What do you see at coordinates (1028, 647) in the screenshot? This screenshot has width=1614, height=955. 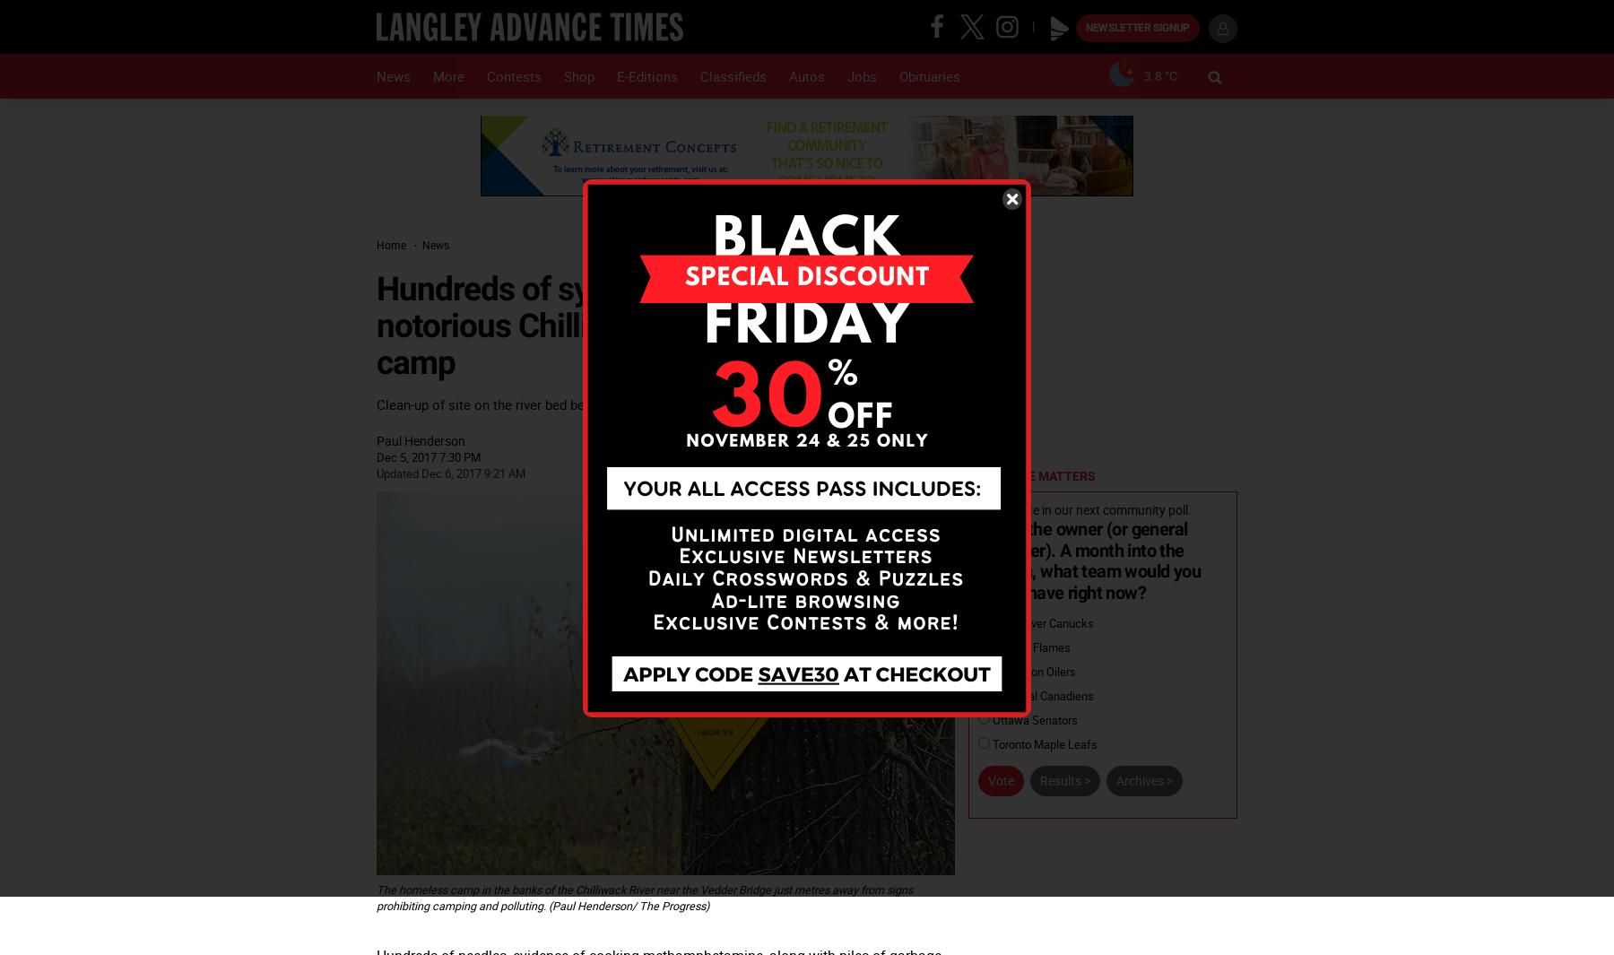 I see `'Calgary Flames'` at bounding box center [1028, 647].